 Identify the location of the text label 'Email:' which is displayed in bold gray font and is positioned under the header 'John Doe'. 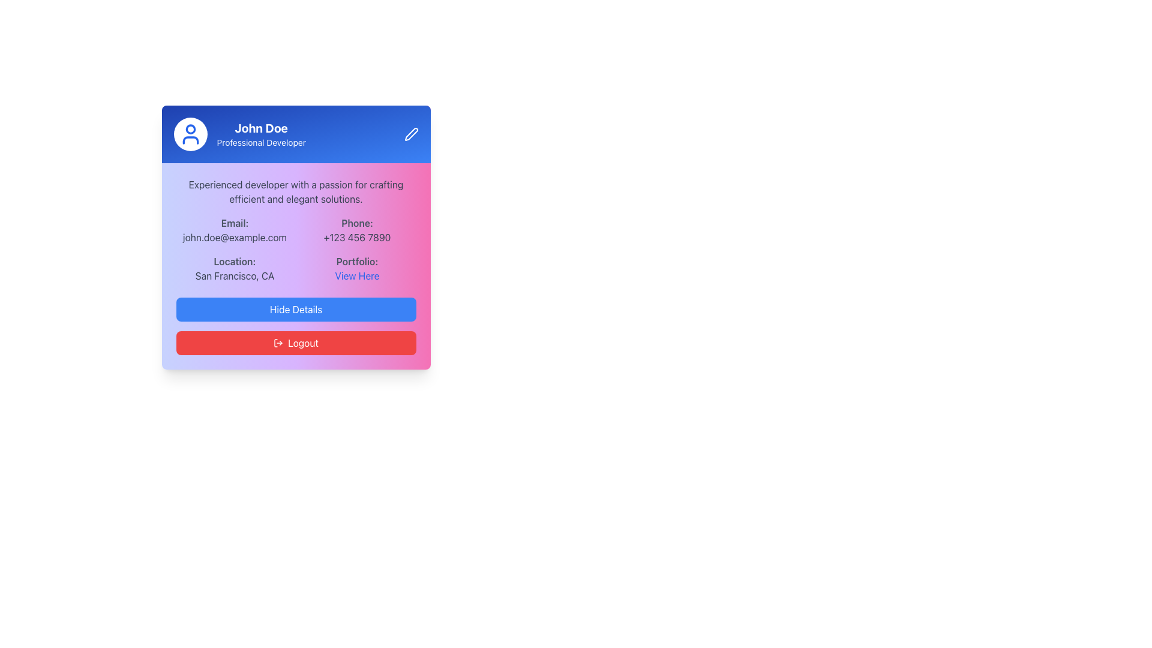
(235, 223).